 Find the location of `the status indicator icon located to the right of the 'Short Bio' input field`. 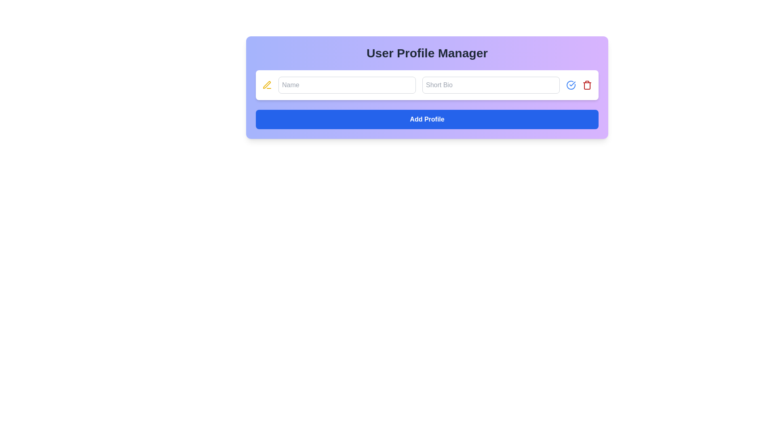

the status indicator icon located to the right of the 'Short Bio' input field is located at coordinates (570, 85).